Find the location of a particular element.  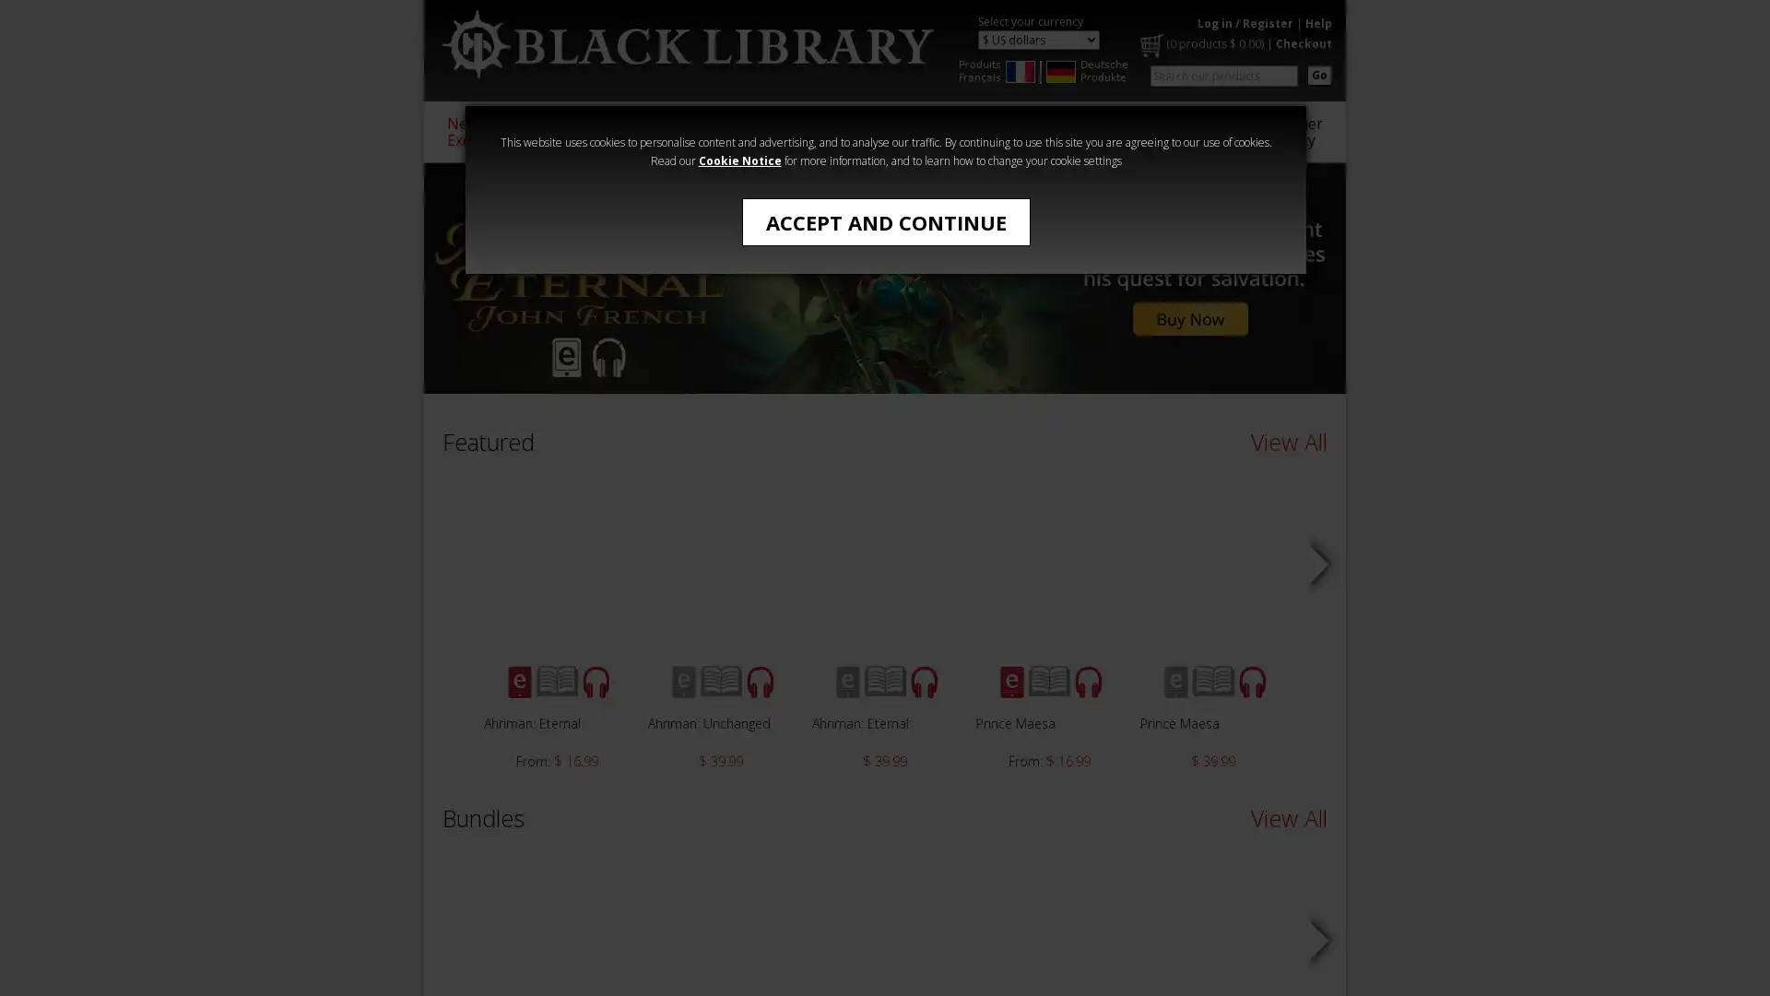

Go is located at coordinates (1318, 74).